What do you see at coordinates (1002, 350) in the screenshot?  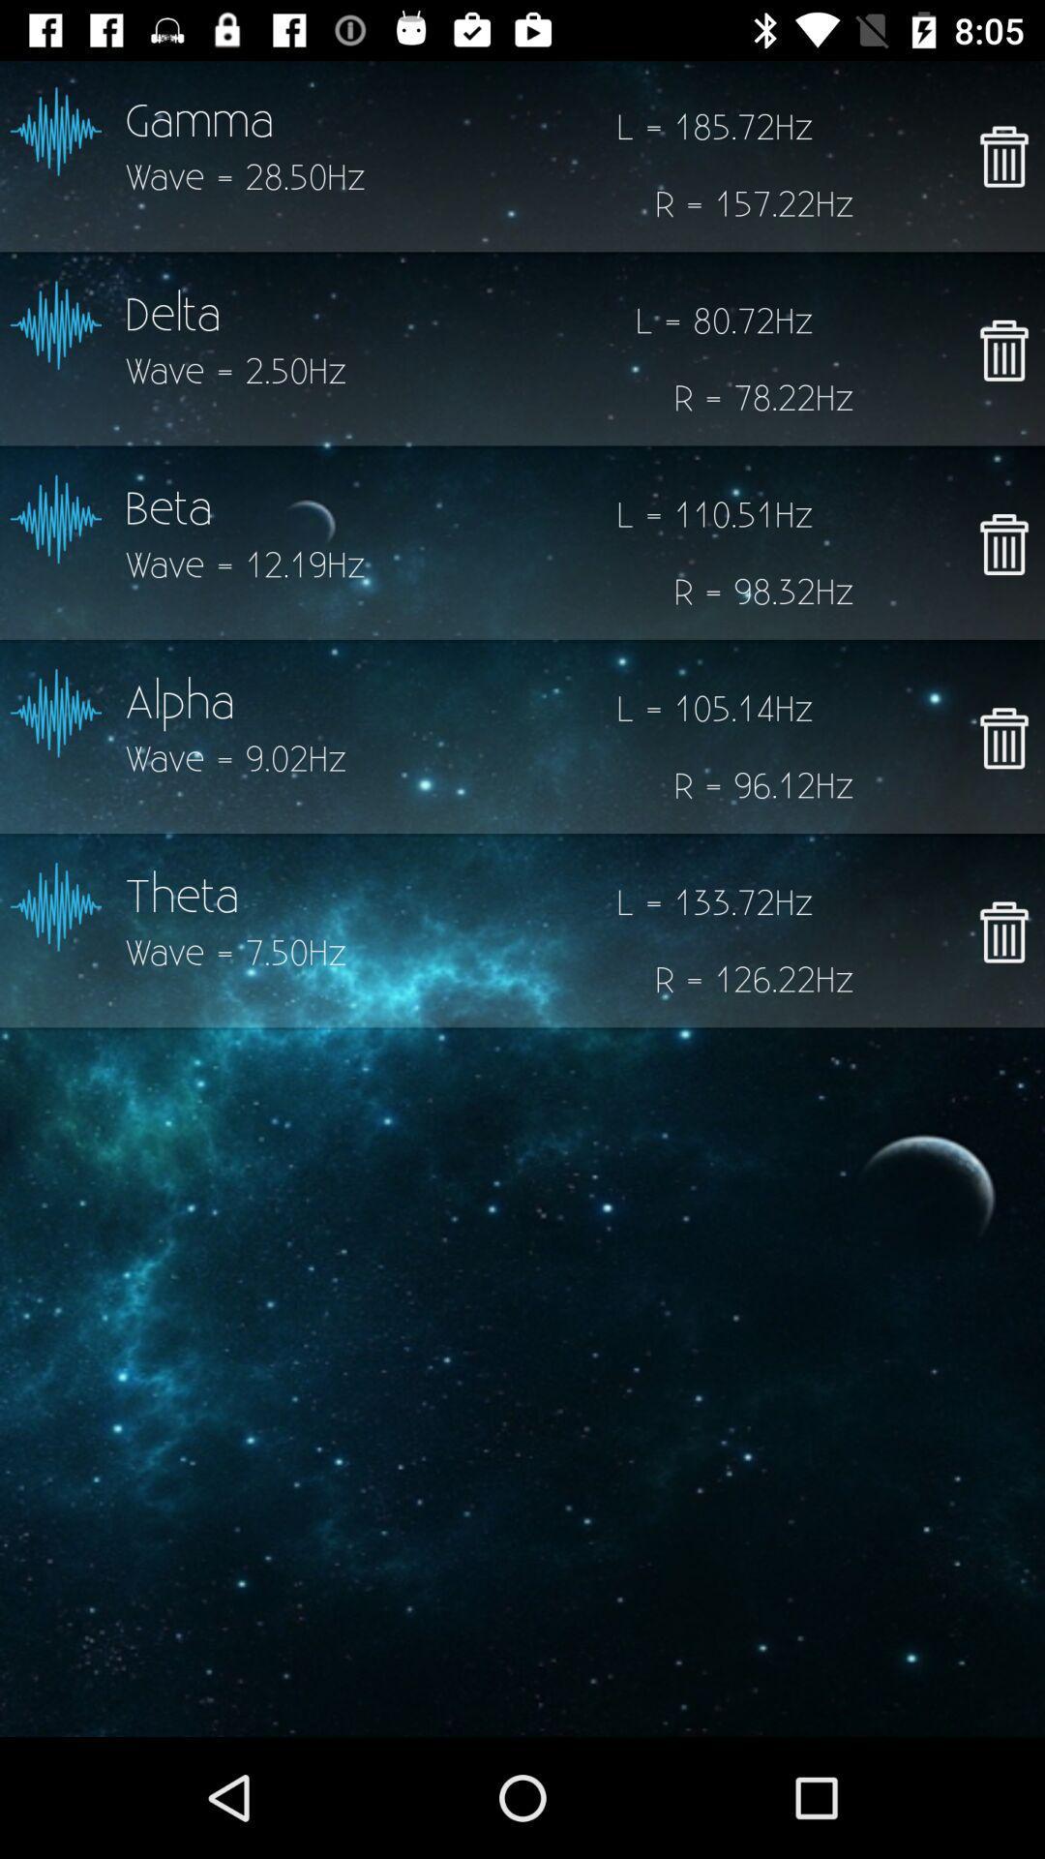 I see `to delete` at bounding box center [1002, 350].